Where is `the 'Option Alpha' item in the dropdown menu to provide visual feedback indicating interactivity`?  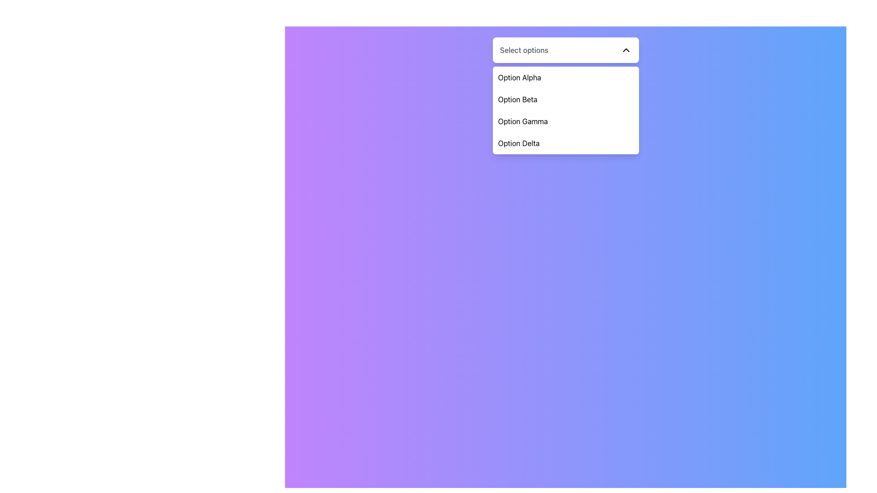
the 'Option Alpha' item in the dropdown menu to provide visual feedback indicating interactivity is located at coordinates (565, 77).